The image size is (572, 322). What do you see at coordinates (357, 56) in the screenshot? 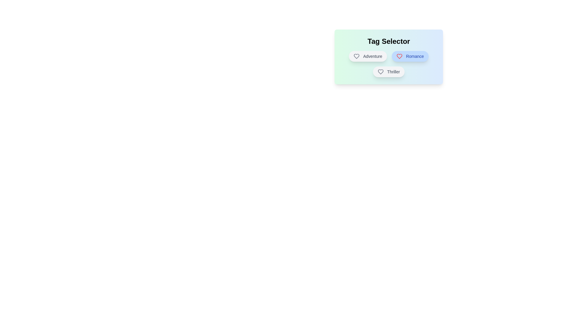
I see `the Heart icon associated with the tag Adventure` at bounding box center [357, 56].